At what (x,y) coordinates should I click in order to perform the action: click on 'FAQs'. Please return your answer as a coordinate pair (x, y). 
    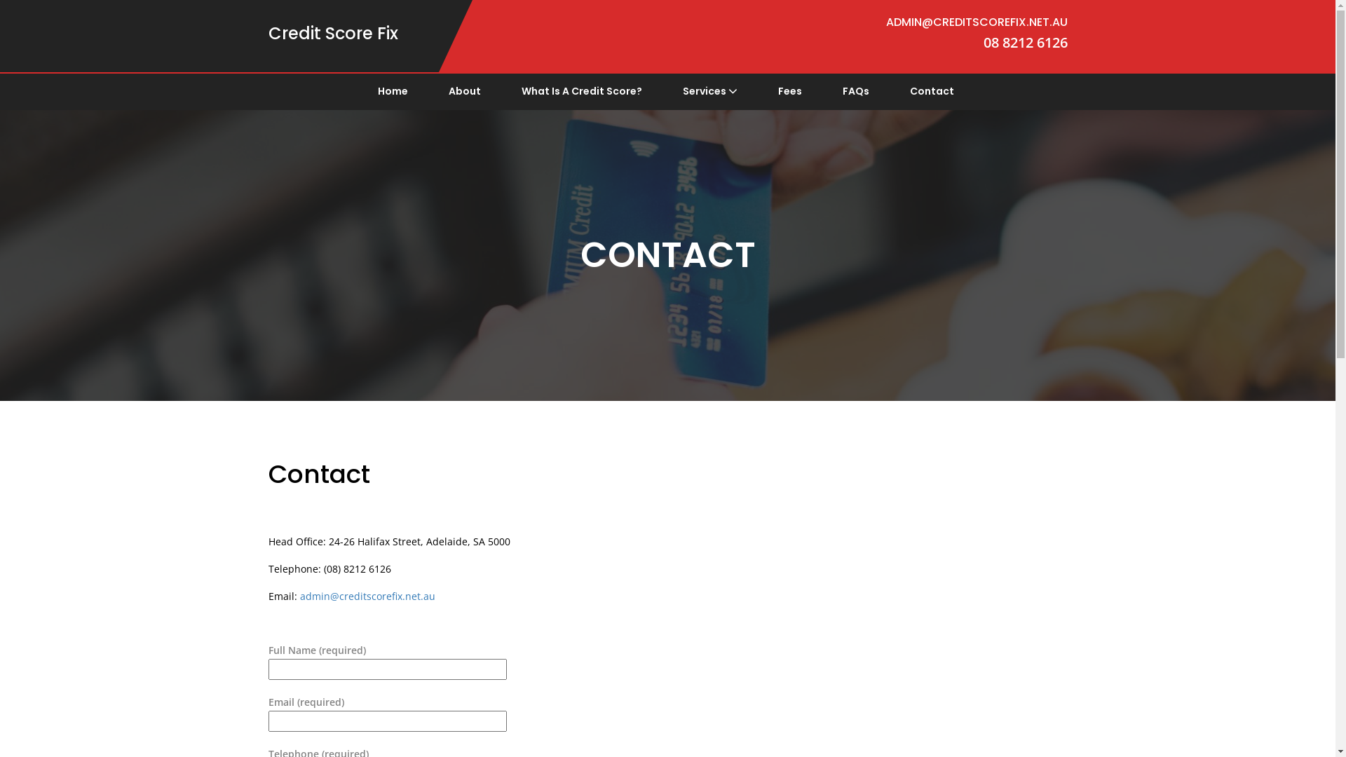
    Looking at the image, I should click on (855, 92).